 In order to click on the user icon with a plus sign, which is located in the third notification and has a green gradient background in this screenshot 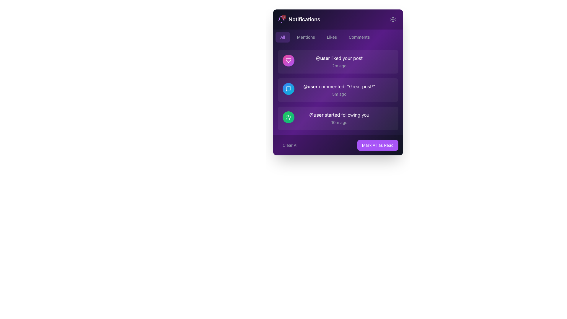, I will do `click(289, 117)`.